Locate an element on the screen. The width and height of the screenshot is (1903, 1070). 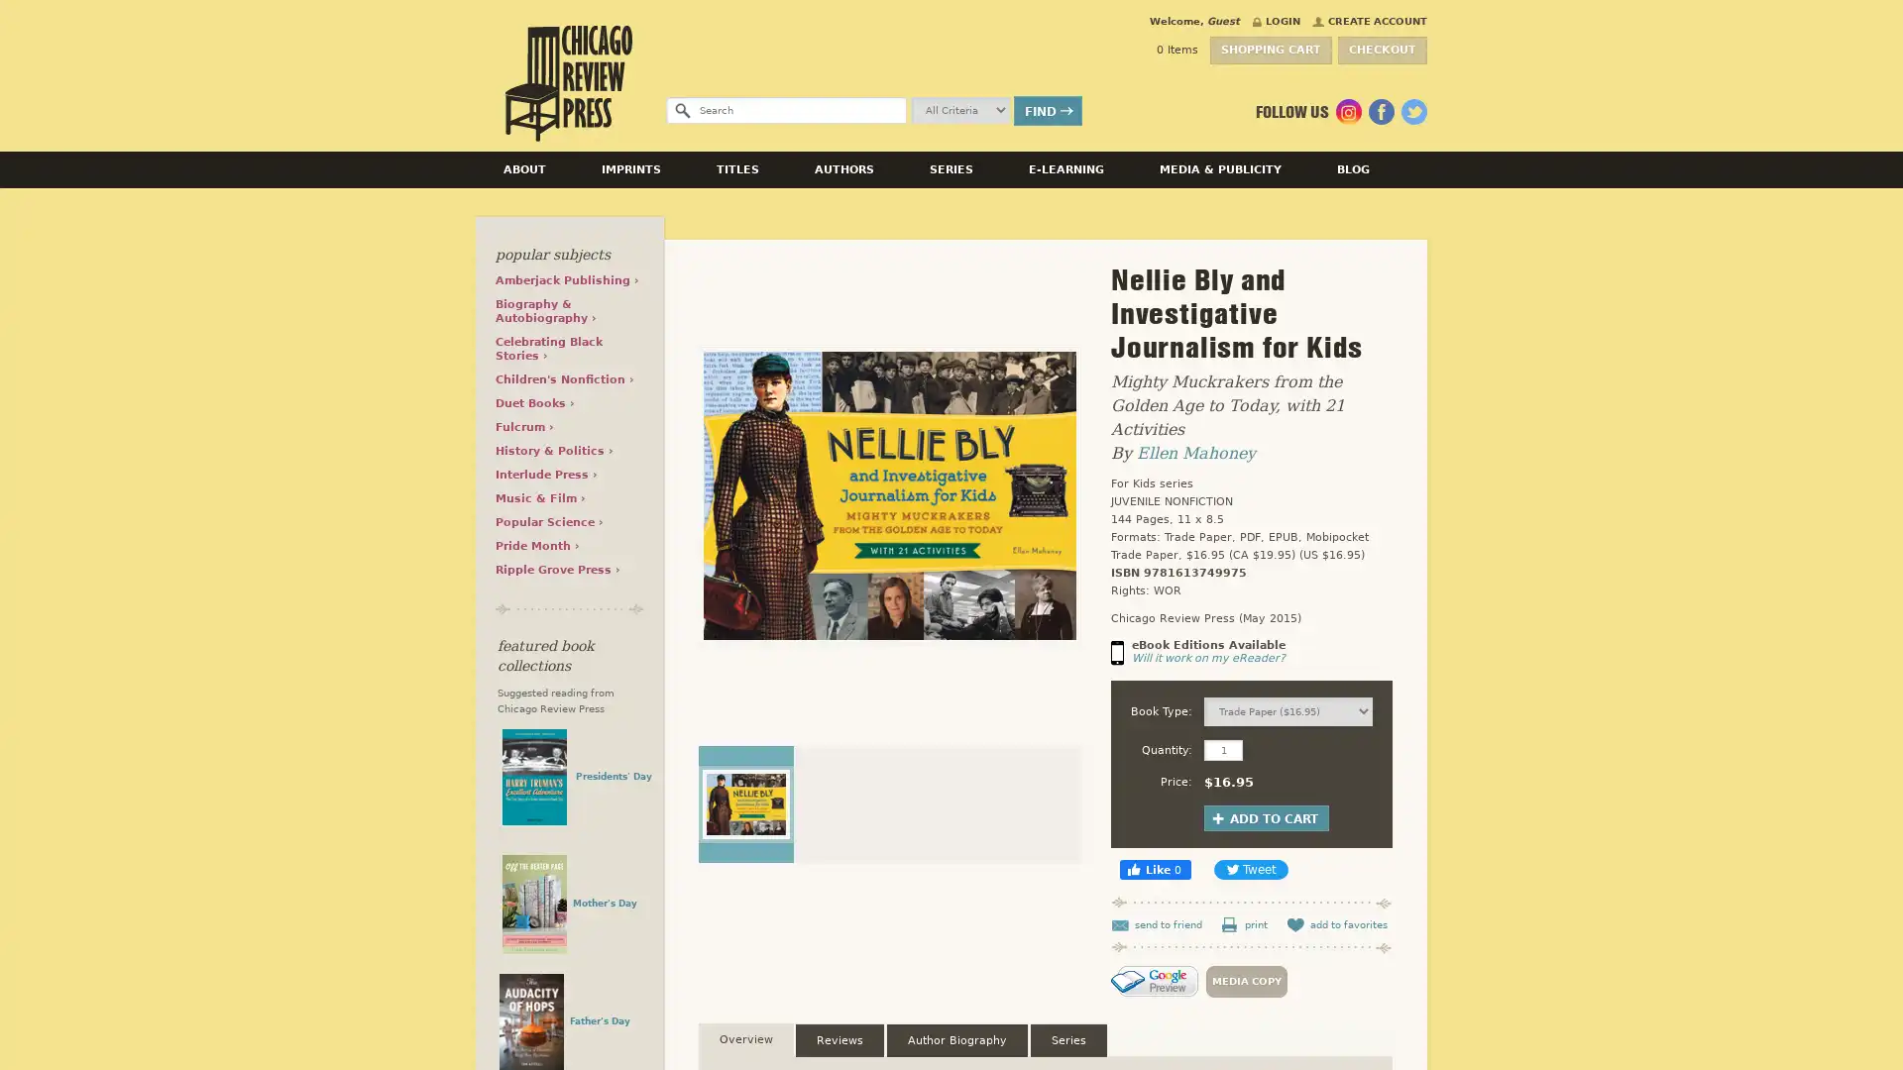
Add To Cart is located at coordinates (1265, 817).